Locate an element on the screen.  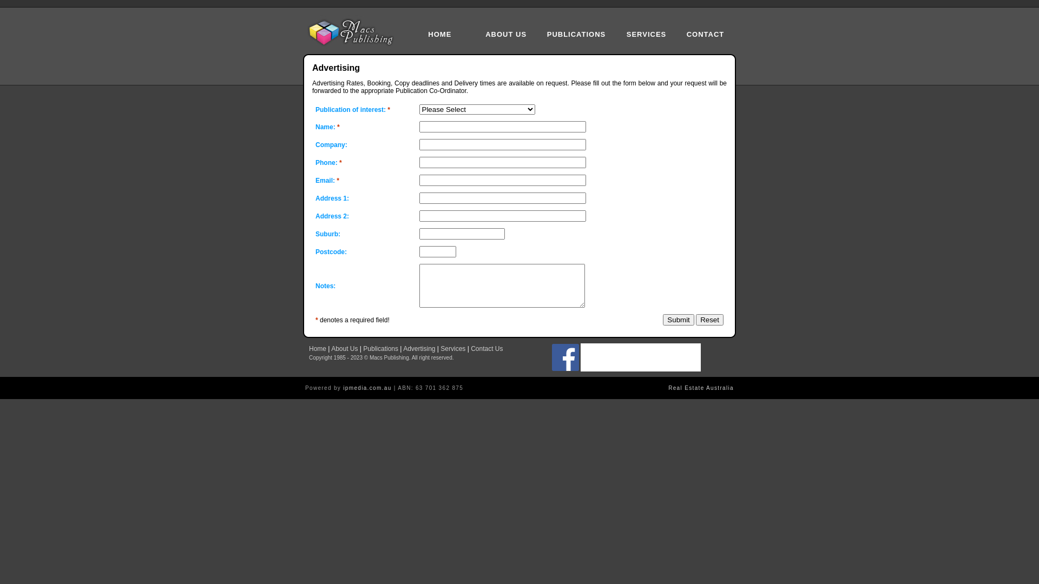
'ipmedia.com.au' is located at coordinates (367, 387).